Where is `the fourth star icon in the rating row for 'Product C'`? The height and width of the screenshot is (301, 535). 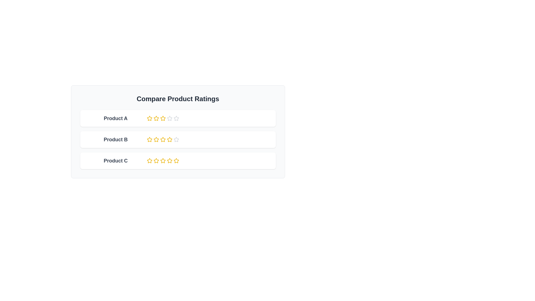
the fourth star icon in the rating row for 'Product C' is located at coordinates (169, 161).